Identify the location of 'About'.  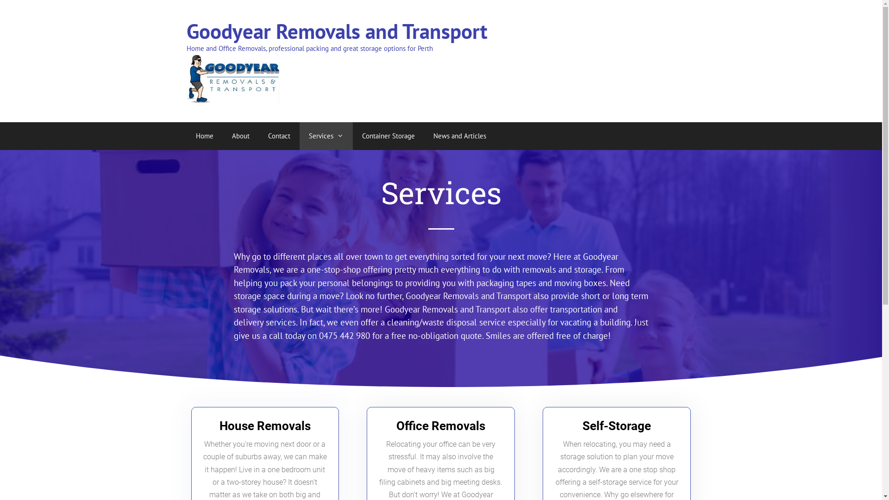
(240, 136).